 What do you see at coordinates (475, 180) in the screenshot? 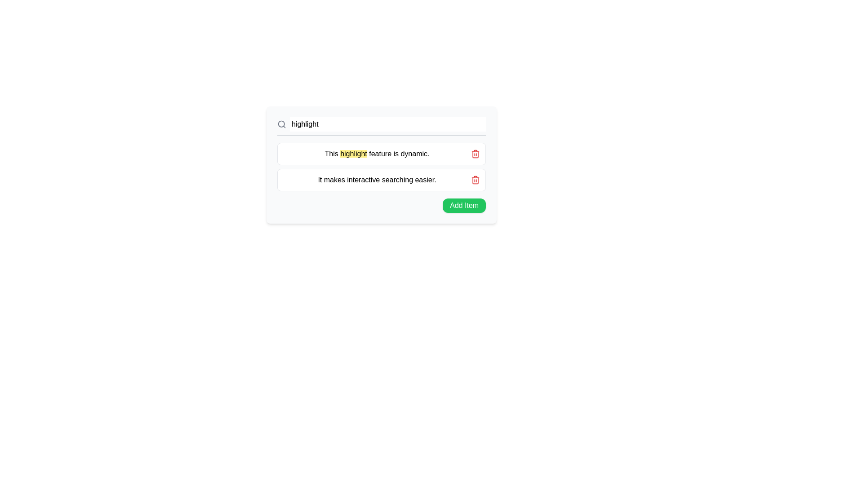
I see `the red trash bin icon button located to the right of the text 'It makes interactive searching easier.'` at bounding box center [475, 180].